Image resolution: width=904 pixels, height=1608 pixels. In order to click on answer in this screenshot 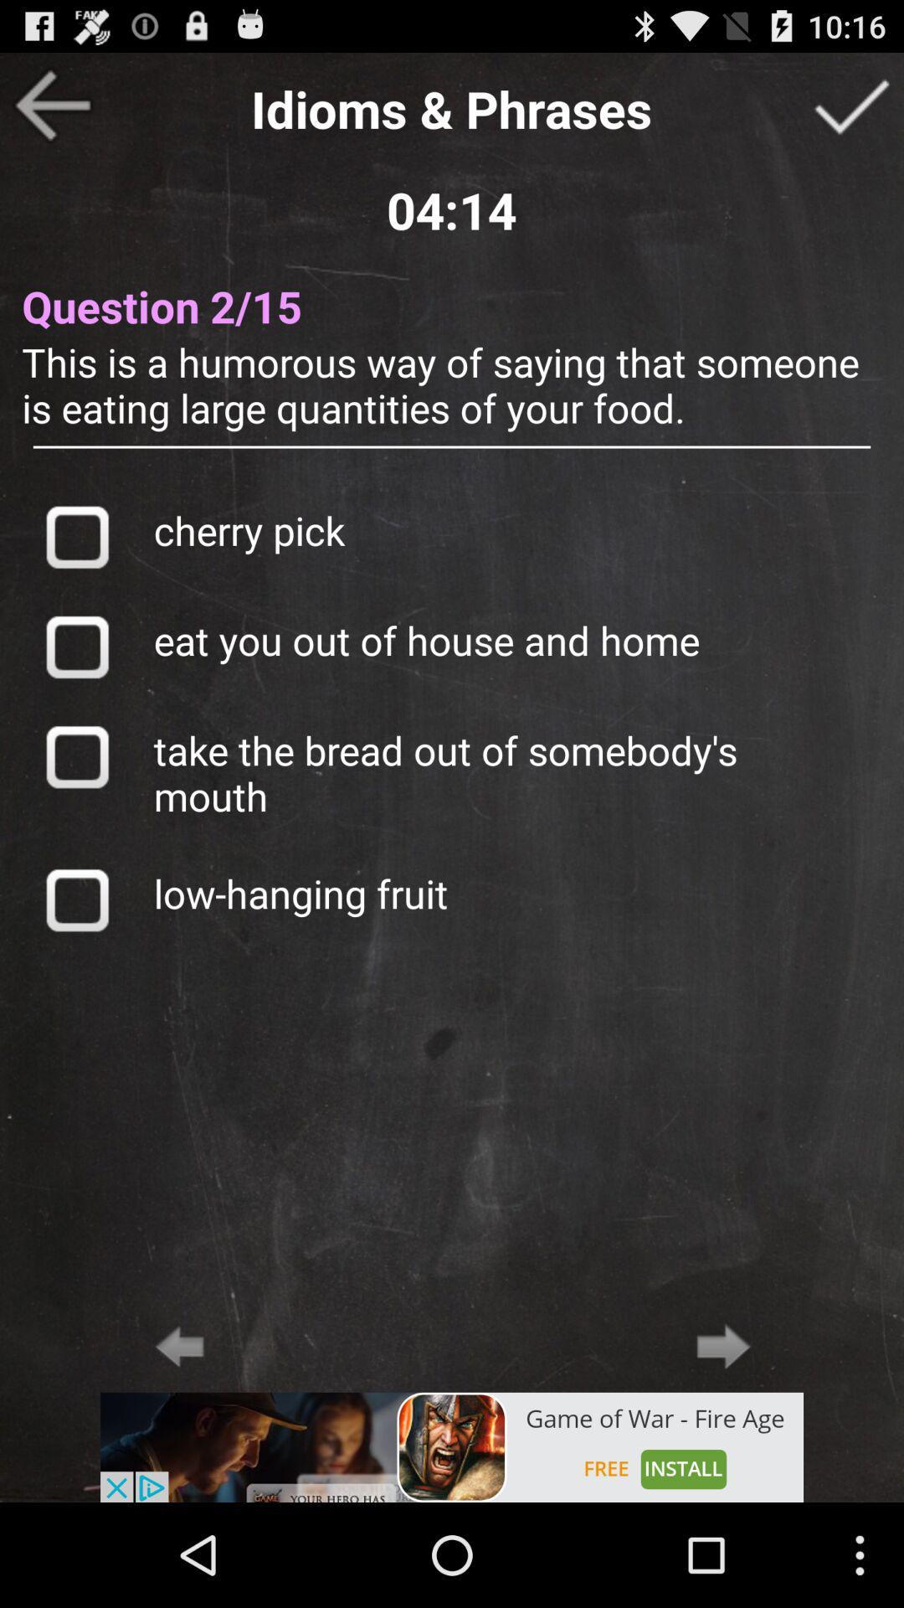, I will do `click(76, 536)`.